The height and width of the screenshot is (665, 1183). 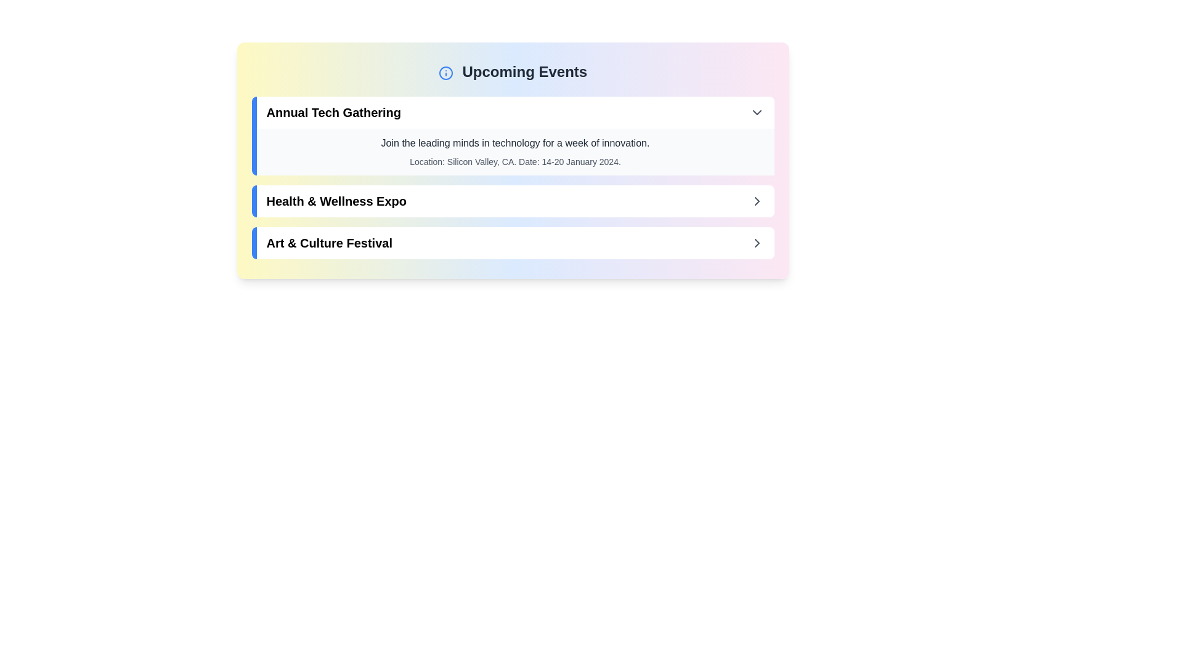 I want to click on the 'Health & Wellness Expo' button-like list item, so click(x=513, y=201).